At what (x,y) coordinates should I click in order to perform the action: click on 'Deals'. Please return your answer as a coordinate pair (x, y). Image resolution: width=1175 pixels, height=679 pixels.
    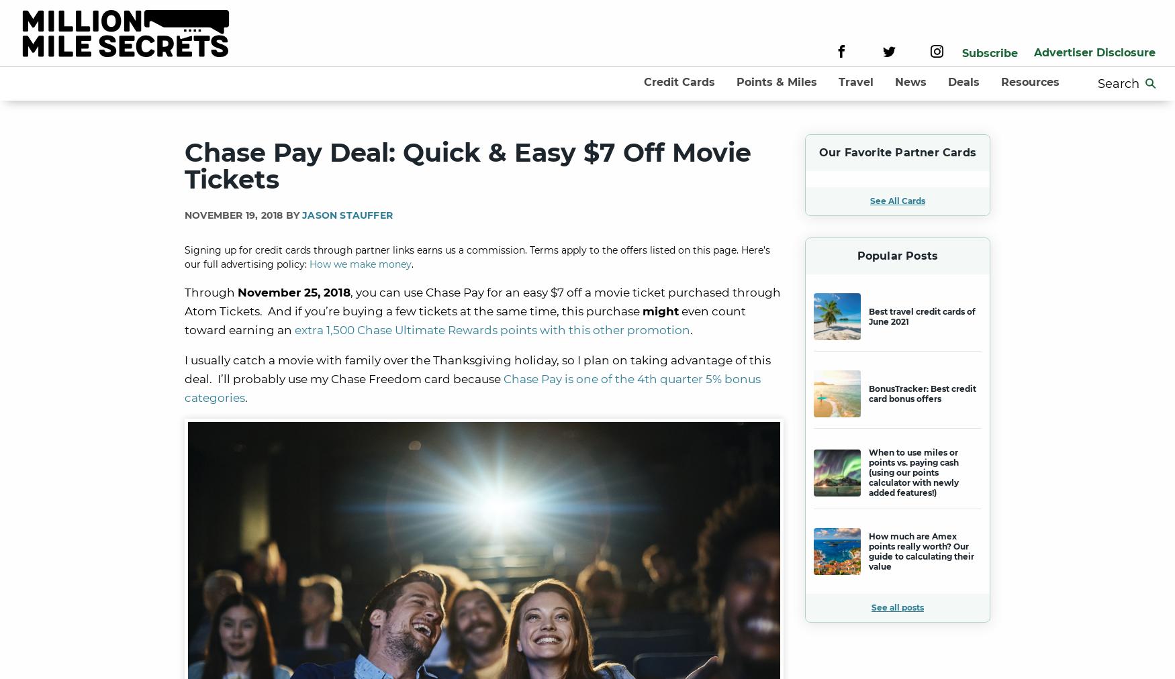
    Looking at the image, I should click on (963, 81).